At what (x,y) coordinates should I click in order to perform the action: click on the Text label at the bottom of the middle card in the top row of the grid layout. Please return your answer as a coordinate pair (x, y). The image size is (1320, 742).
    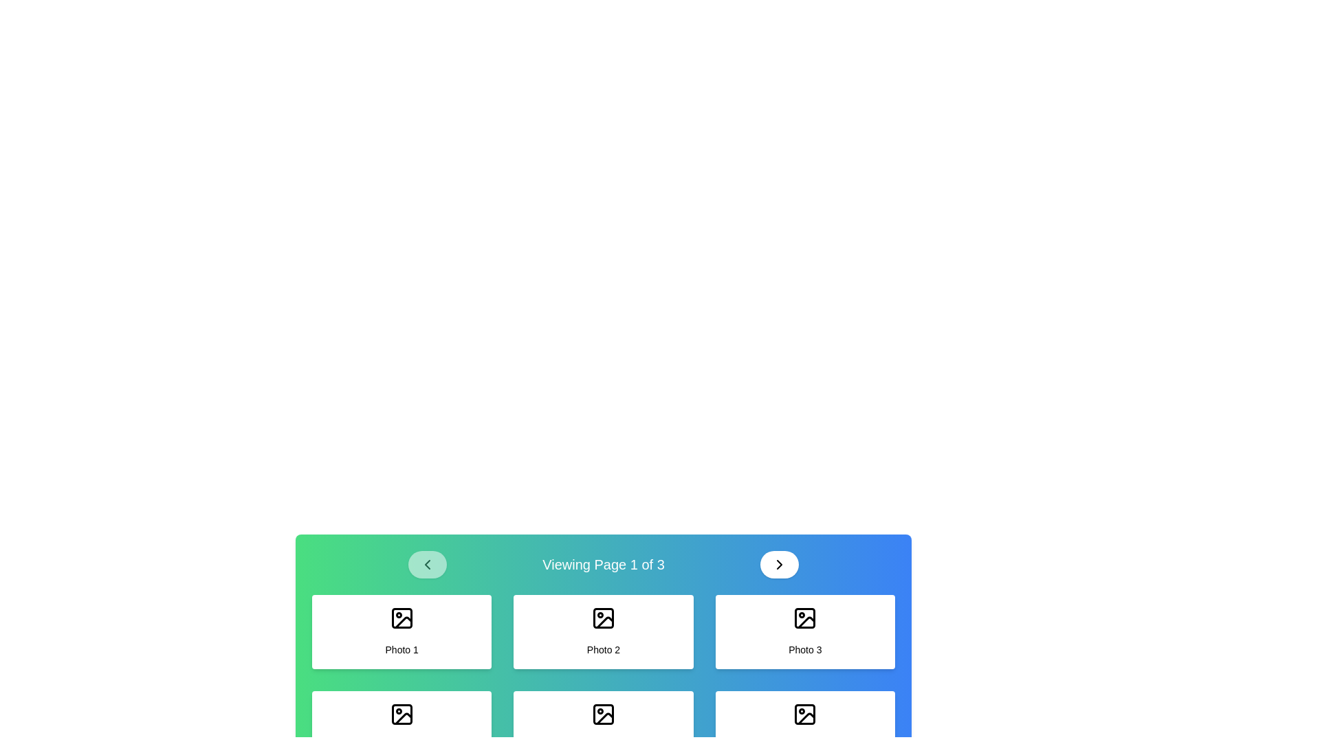
    Looking at the image, I should click on (604, 649).